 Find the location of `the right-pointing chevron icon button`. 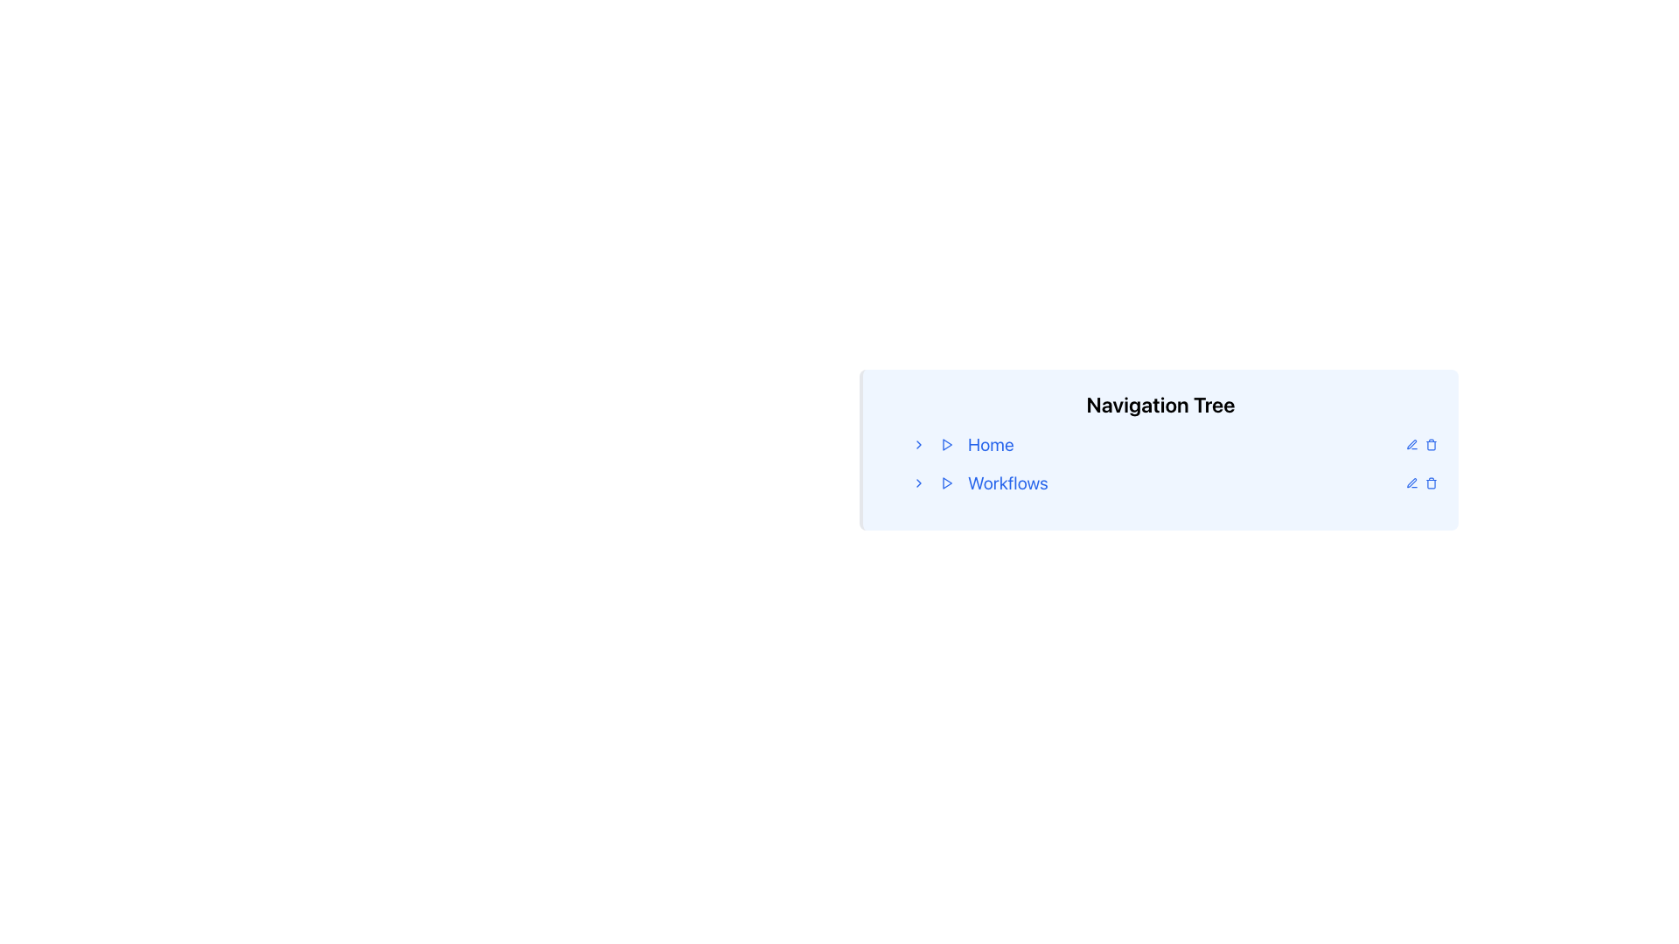

the right-pointing chevron icon button is located at coordinates (918, 444).